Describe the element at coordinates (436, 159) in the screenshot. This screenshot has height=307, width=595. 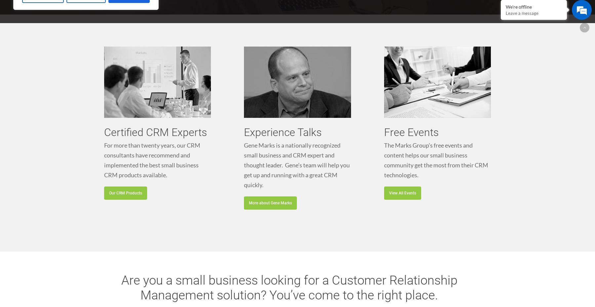
I see `'The Marks Group’s free events and content helps our small business community get the most from their CRM technologies.'` at that location.